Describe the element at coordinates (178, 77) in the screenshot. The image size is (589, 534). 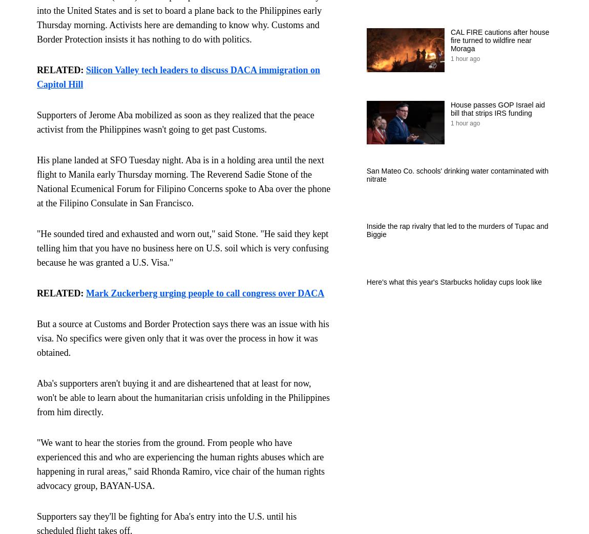
I see `'Silicon Valley tech leaders to discuss DACA immigration on Capitol Hill'` at that location.